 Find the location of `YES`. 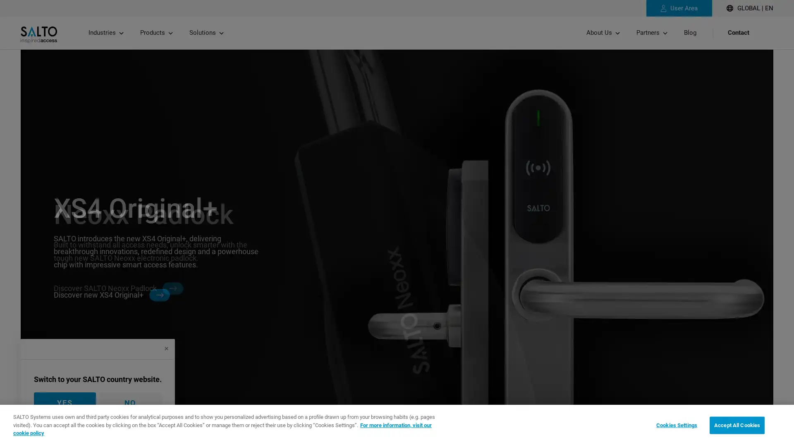

YES is located at coordinates (65, 402).